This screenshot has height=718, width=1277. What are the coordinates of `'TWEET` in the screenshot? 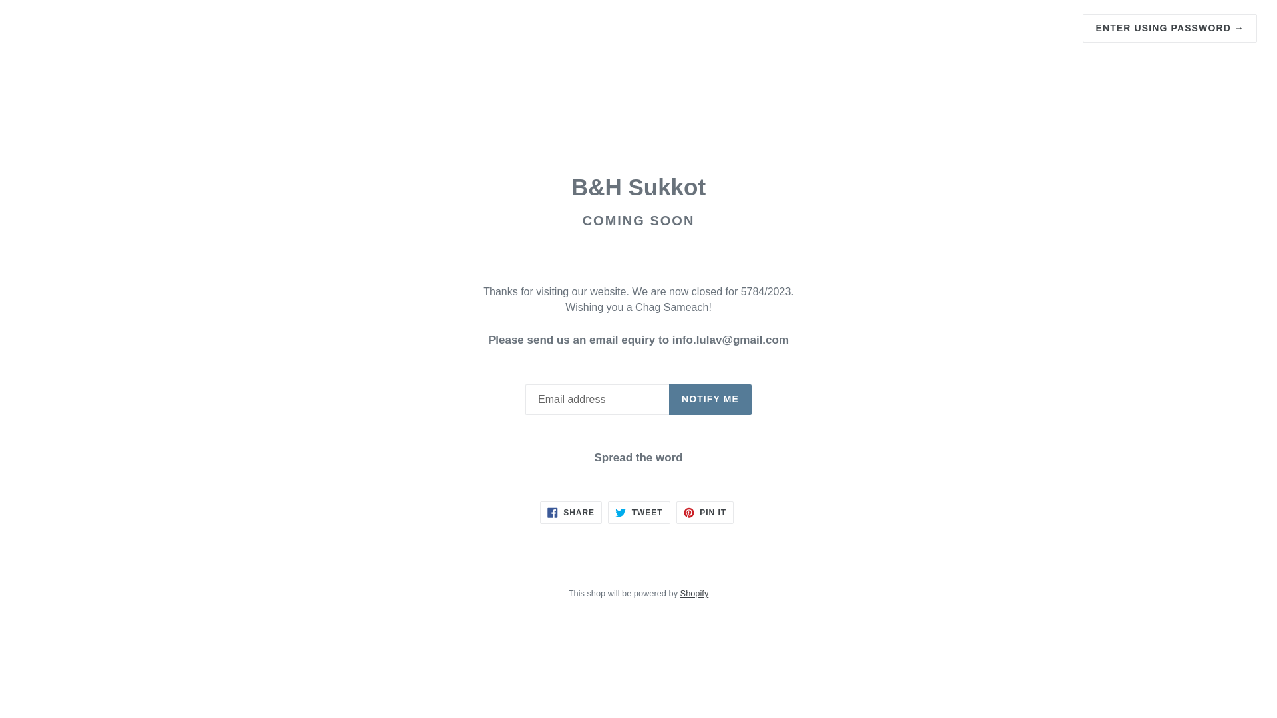 It's located at (638, 512).